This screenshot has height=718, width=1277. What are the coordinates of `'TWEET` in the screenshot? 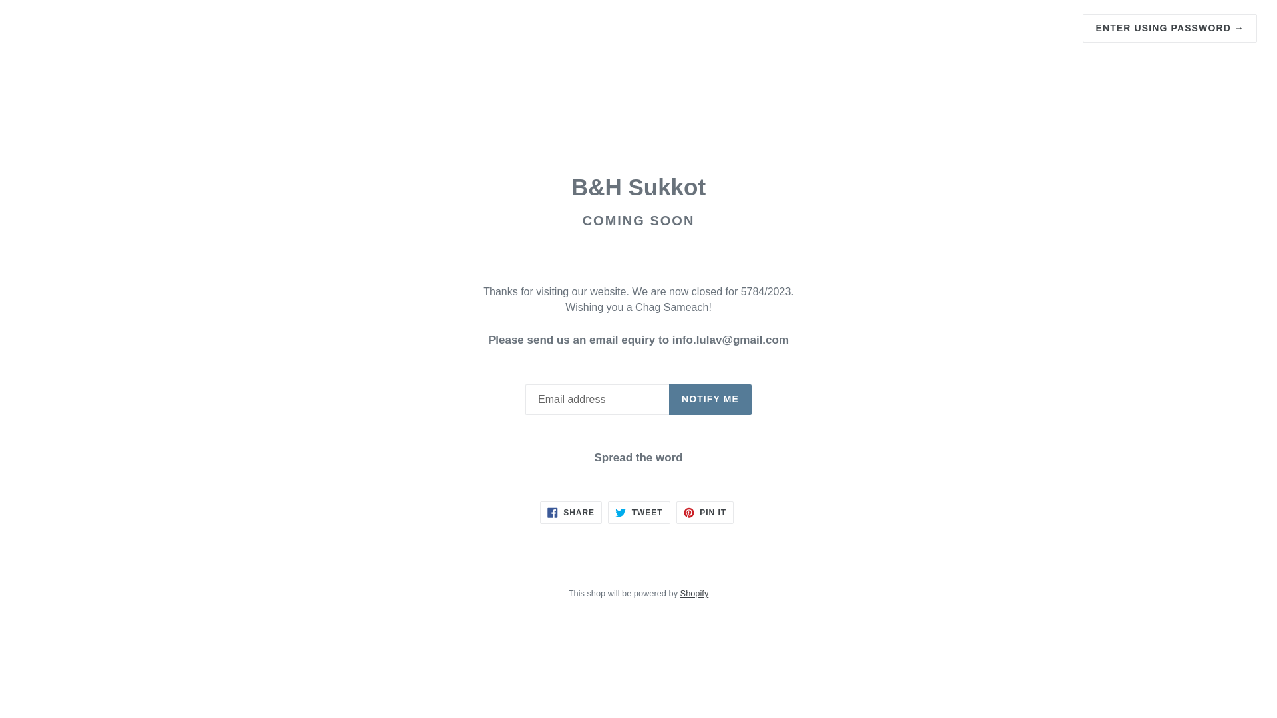 It's located at (638, 512).